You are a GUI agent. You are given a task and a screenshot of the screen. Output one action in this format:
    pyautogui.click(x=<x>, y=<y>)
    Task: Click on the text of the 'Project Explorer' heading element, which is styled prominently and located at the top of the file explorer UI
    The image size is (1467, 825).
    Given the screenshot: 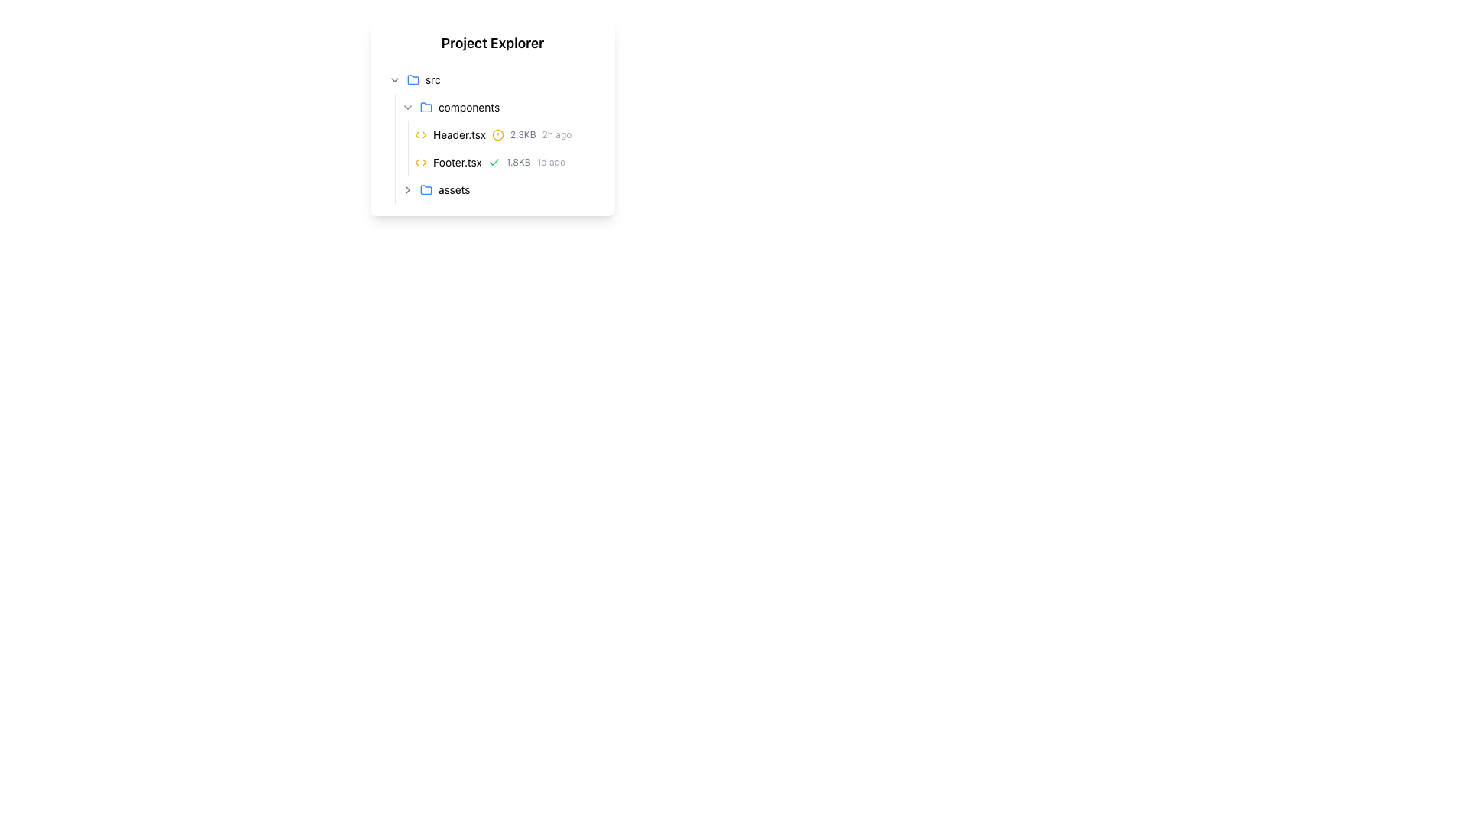 What is the action you would take?
    pyautogui.click(x=492, y=43)
    